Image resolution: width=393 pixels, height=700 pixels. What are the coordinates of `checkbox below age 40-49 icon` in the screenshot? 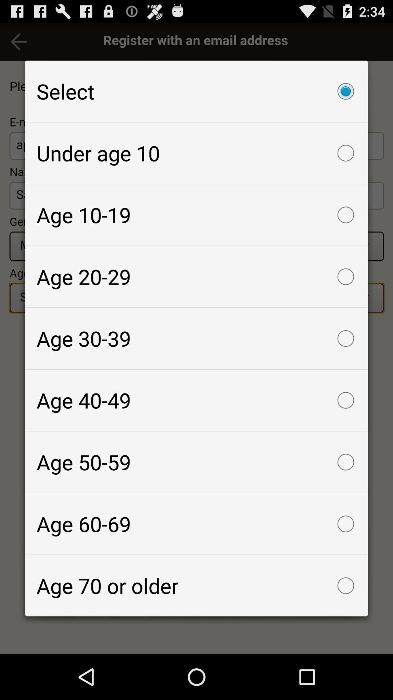 It's located at (196, 462).